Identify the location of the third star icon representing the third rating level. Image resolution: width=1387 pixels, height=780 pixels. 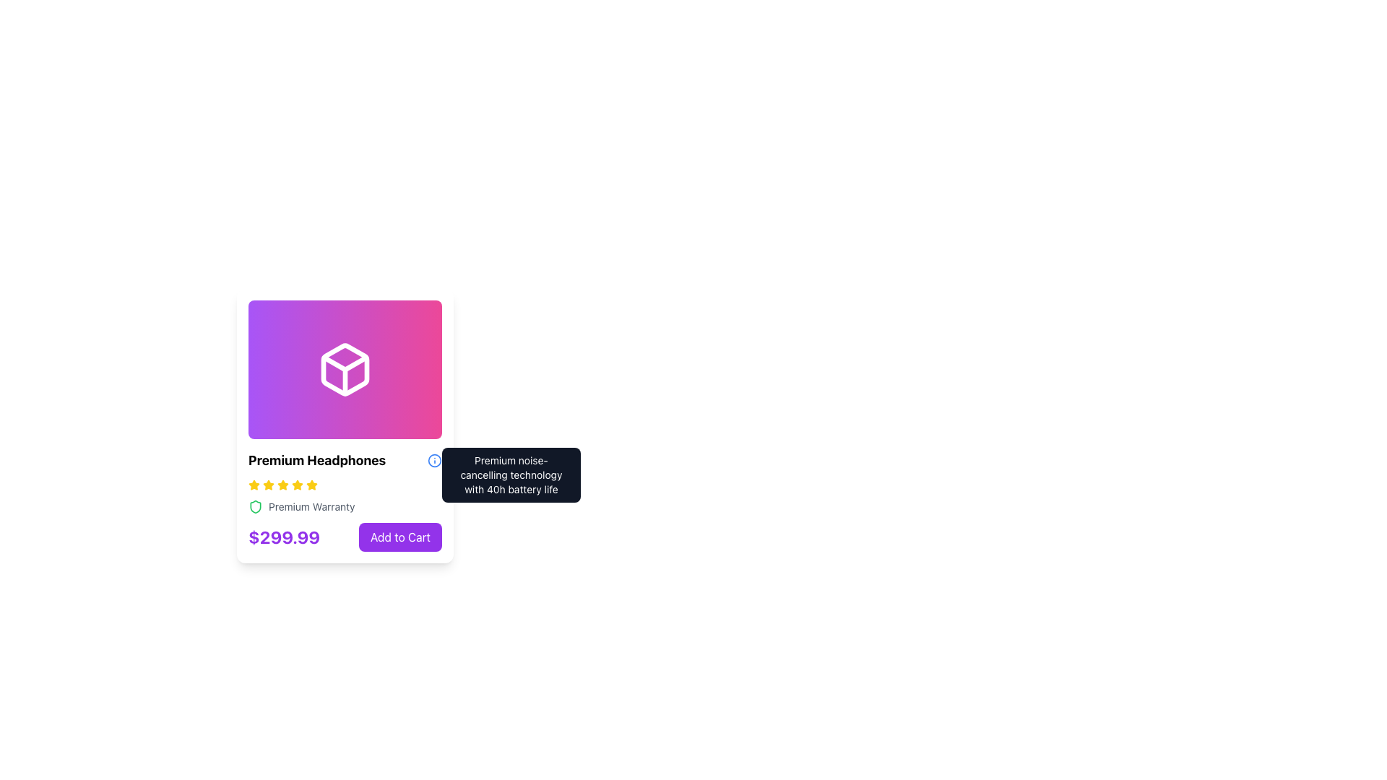
(269, 485).